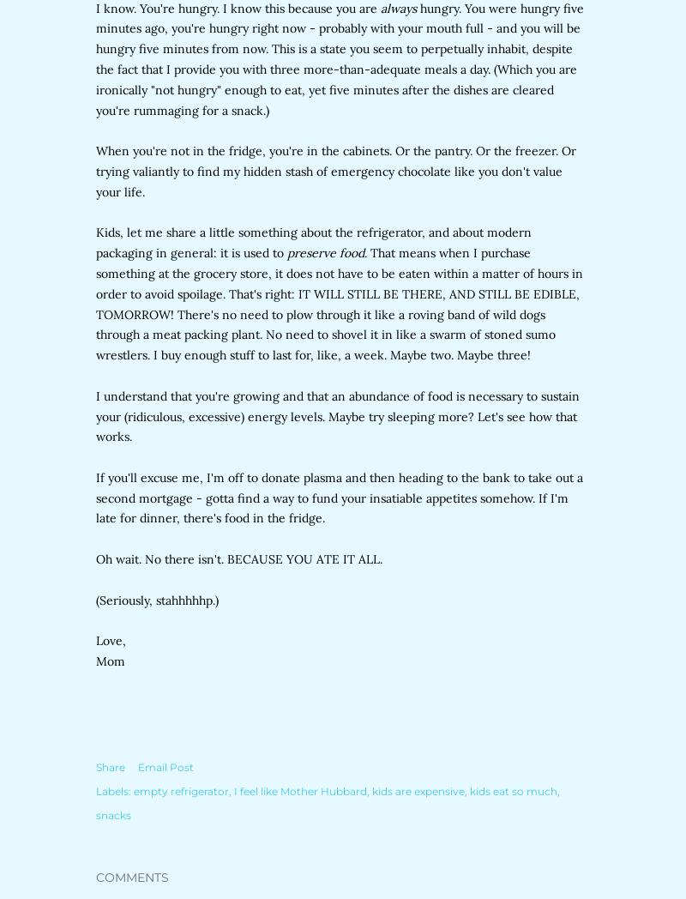  What do you see at coordinates (95, 814) in the screenshot?
I see `'snacks'` at bounding box center [95, 814].